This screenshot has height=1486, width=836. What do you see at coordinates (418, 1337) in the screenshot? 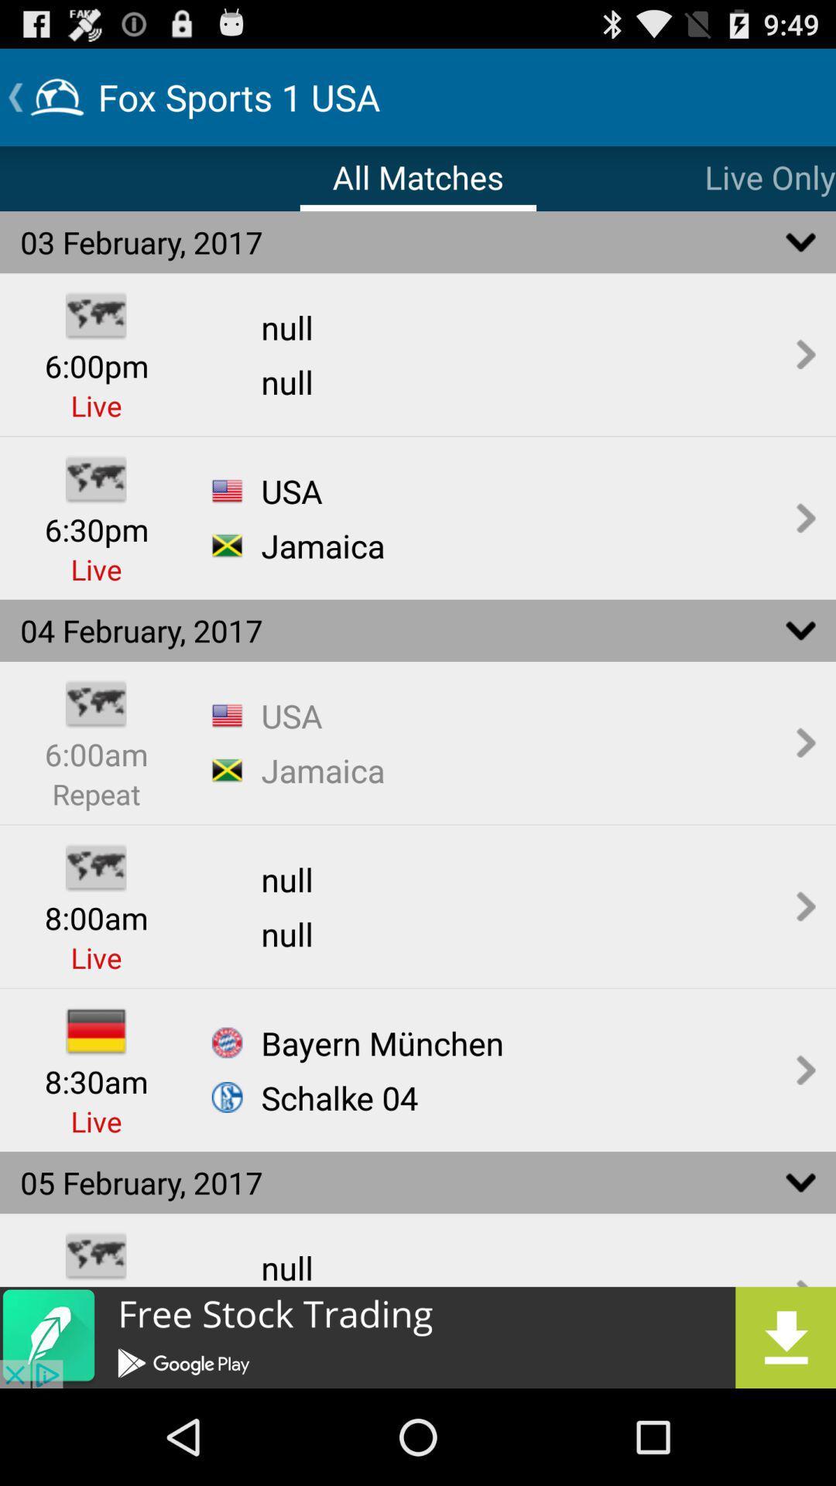
I see `advertisement` at bounding box center [418, 1337].